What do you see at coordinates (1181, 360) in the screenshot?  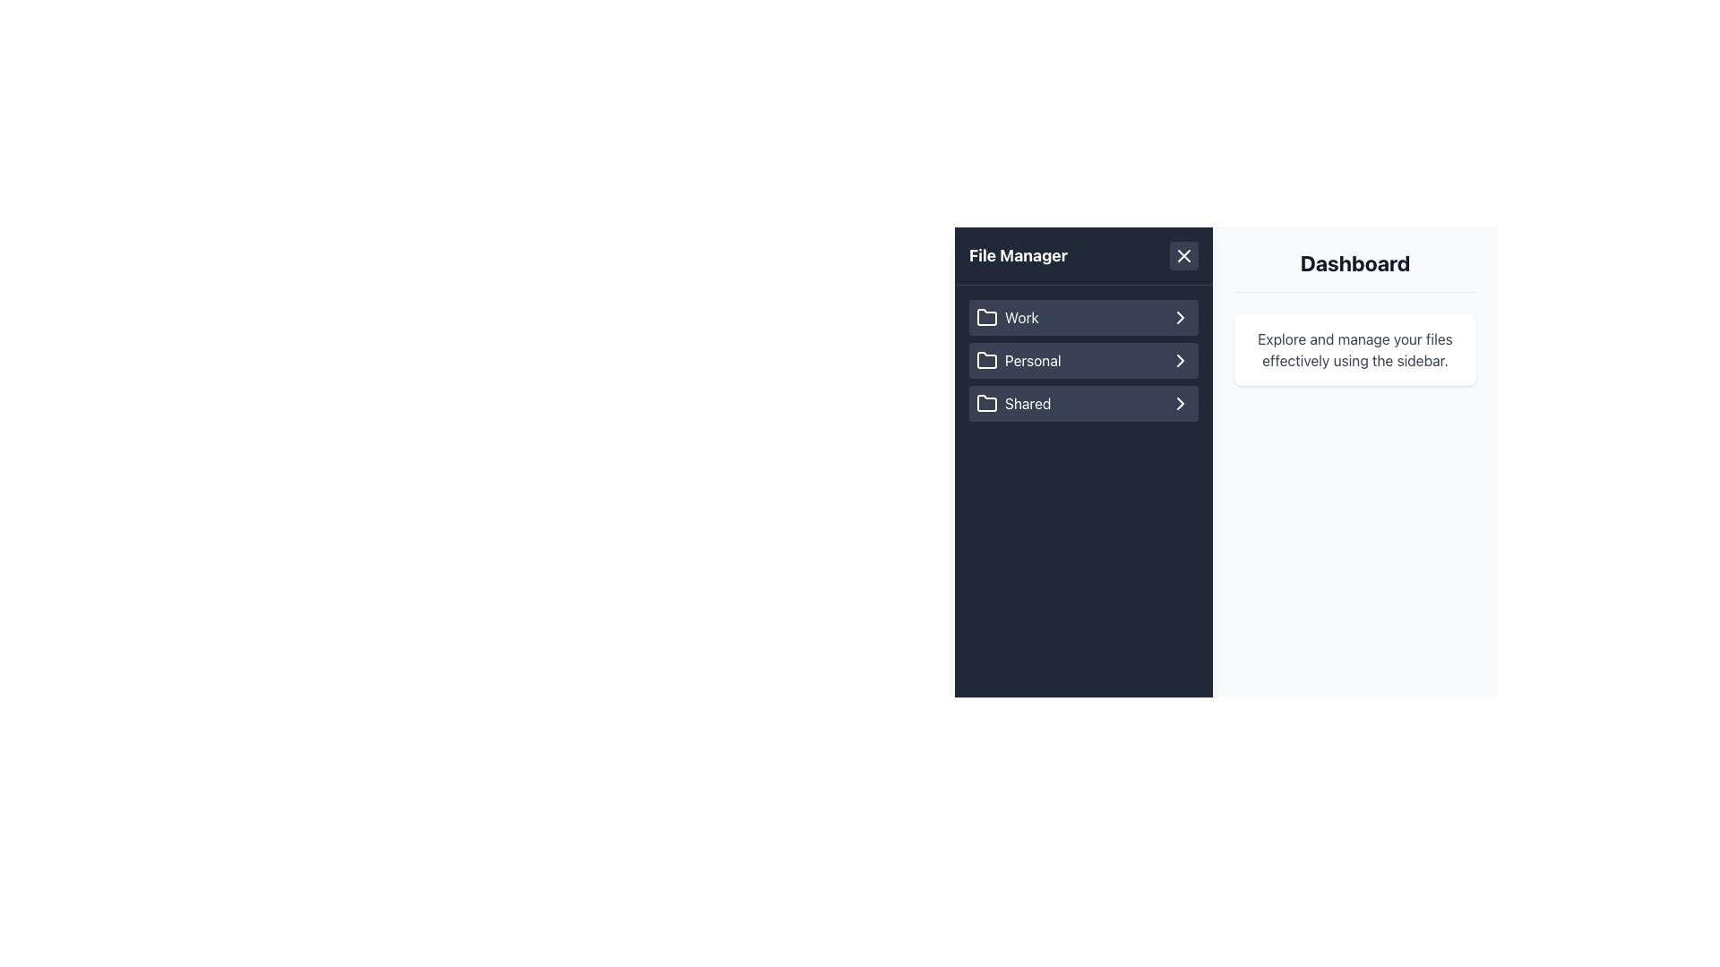 I see `the rightward pointing chevron icon located in the sidebar menu, which is positioned to the right of the 'Personal' folder label in the 'File Manager'` at bounding box center [1181, 360].